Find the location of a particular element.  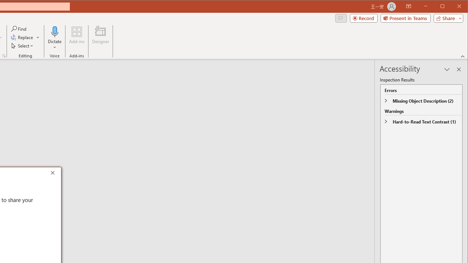

'Find...' is located at coordinates (19, 28).